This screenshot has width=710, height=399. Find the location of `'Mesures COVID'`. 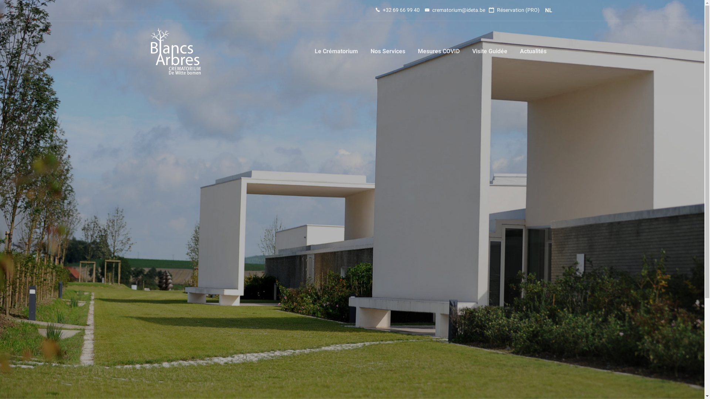

'Mesures COVID' is located at coordinates (411, 51).